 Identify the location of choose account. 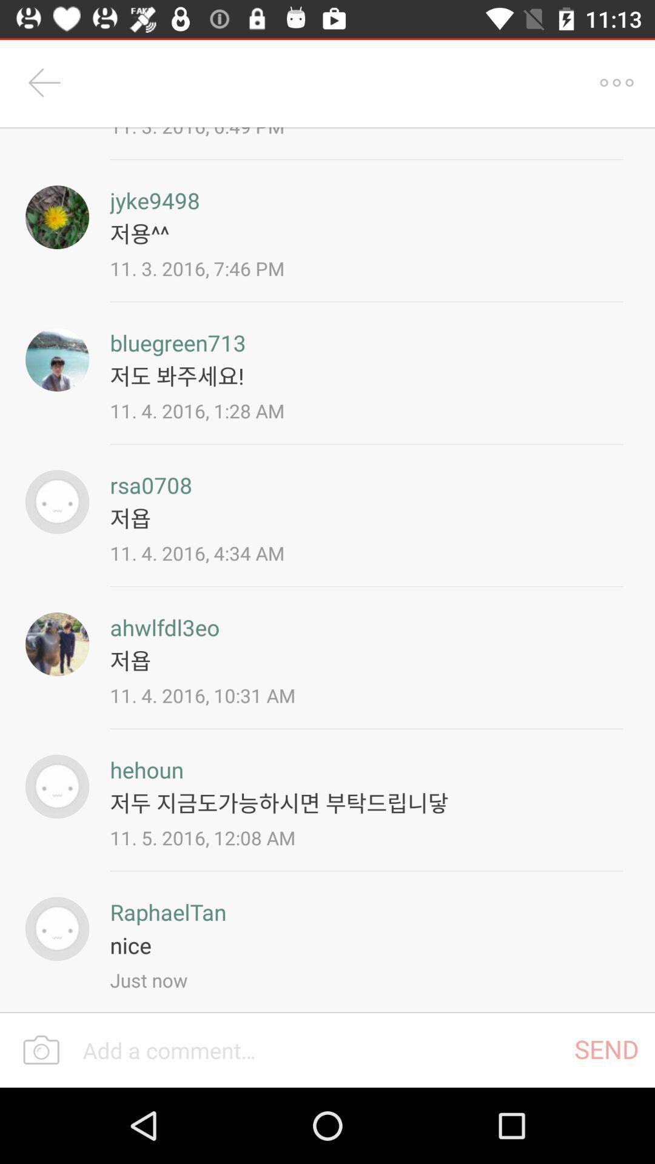
(57, 359).